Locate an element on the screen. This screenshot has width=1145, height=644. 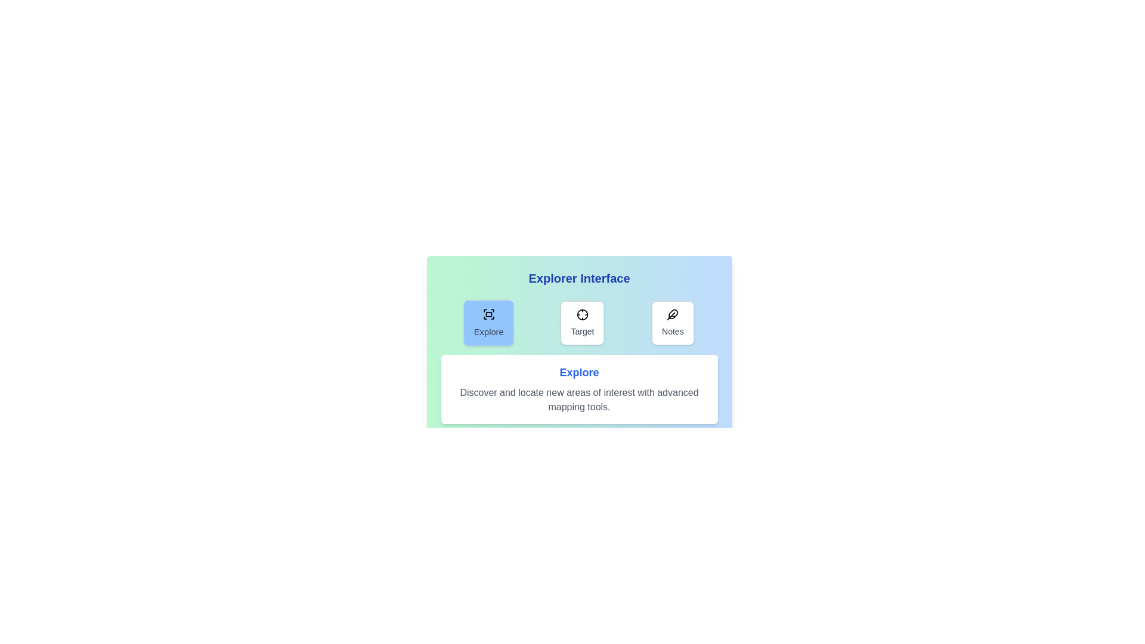
the button labeled Explore to observe its interactive style is located at coordinates (489, 323).